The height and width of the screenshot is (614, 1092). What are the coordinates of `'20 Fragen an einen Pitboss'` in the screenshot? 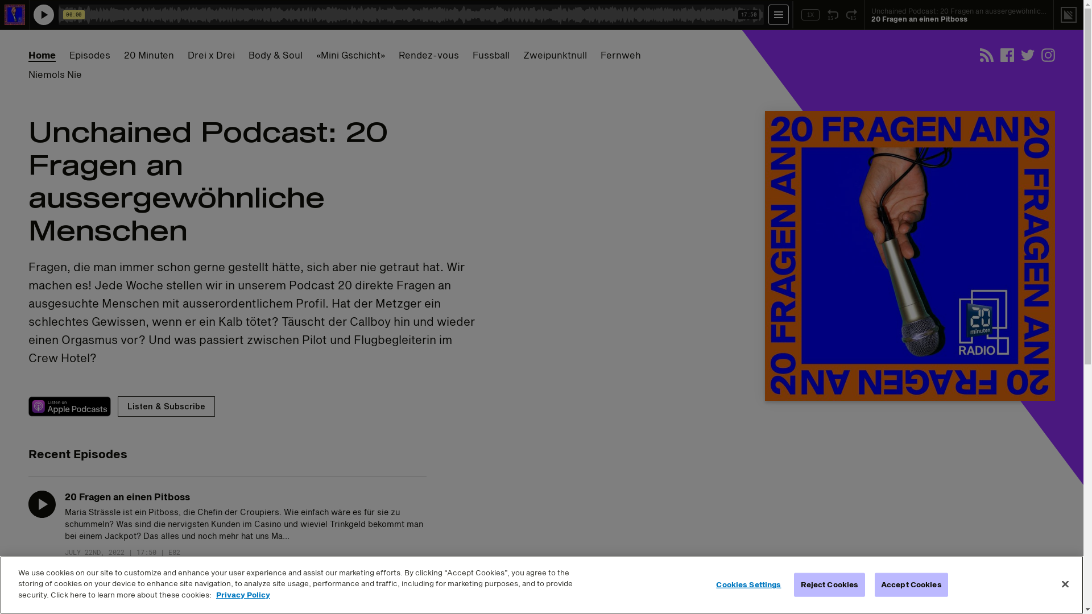 It's located at (127, 496).